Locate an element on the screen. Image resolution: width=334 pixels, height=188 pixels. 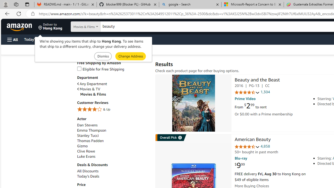
'4.6 out of 5 stars' is located at coordinates (247, 147).